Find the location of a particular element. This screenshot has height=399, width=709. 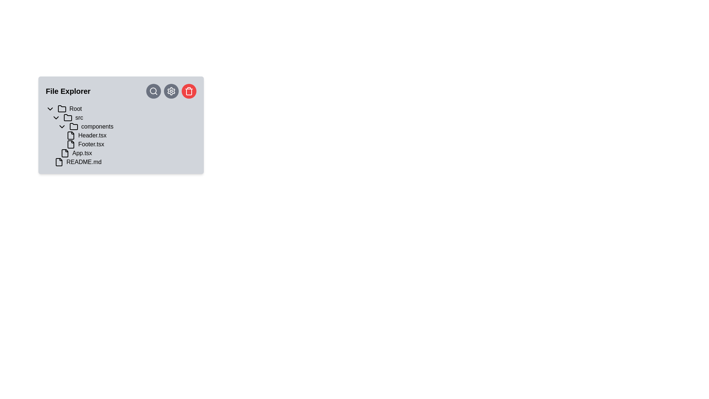

the folder icon located in the 'Root' row of the File Explorer module, positioned to the right of the chevron icon is located at coordinates (62, 109).